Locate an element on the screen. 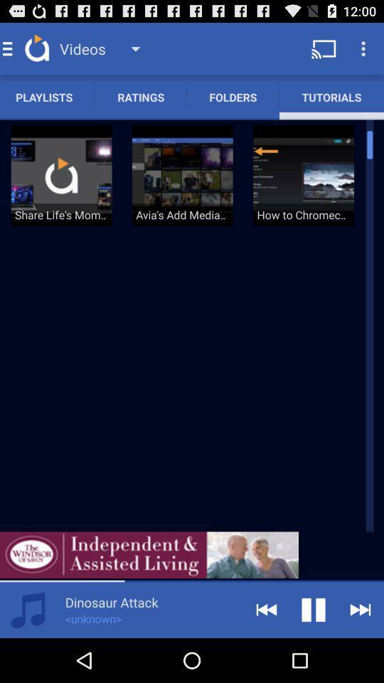  the av_rewind icon is located at coordinates (266, 652).